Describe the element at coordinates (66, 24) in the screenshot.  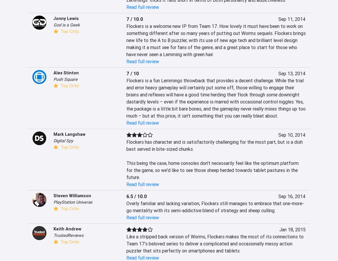
I see `'God is a Geek'` at that location.